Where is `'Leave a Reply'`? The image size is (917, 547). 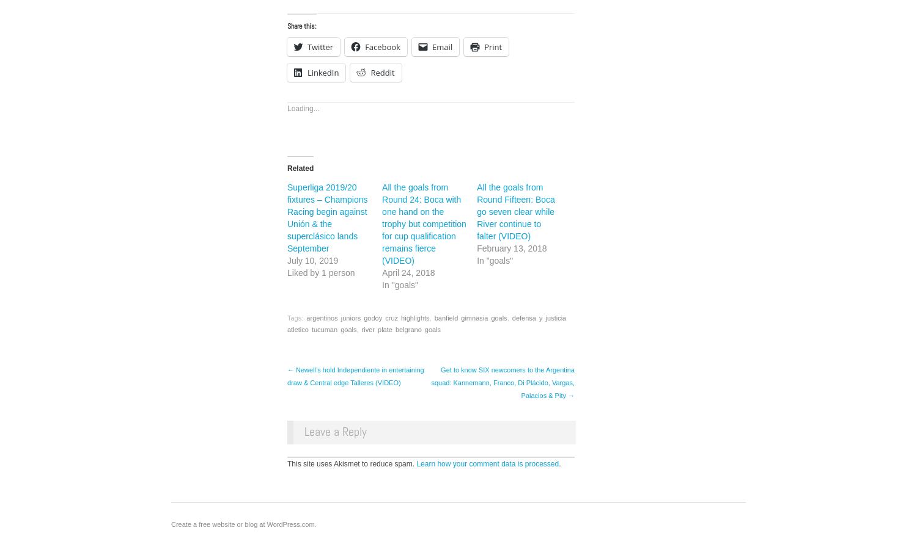 'Leave a Reply' is located at coordinates (336, 430).